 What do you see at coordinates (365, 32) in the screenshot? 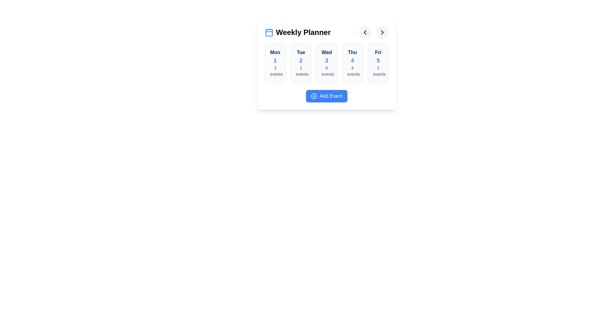
I see `the previous navigation button to navigate between weeks` at bounding box center [365, 32].